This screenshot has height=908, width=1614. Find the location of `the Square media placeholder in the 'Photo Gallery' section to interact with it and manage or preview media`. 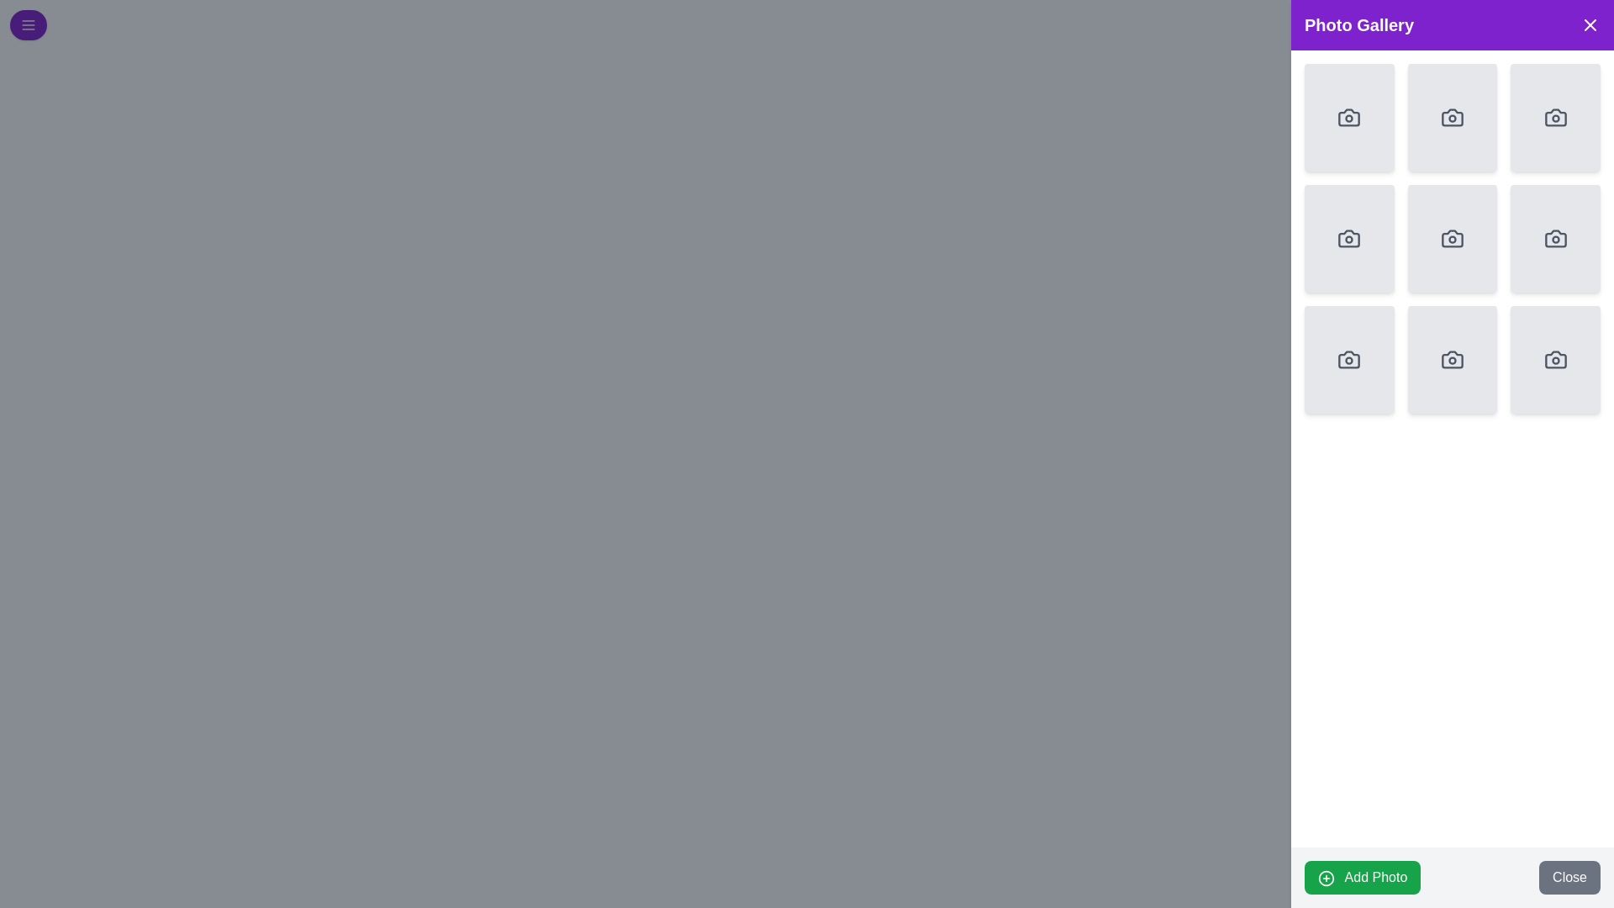

the Square media placeholder in the 'Photo Gallery' section to interact with it and manage or preview media is located at coordinates (1349, 359).